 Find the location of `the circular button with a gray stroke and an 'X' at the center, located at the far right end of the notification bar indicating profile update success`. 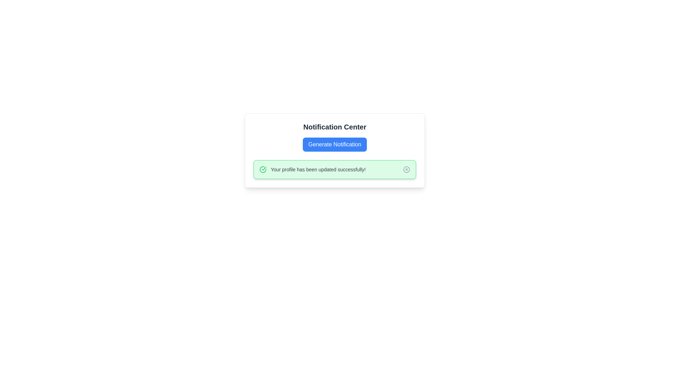

the circular button with a gray stroke and an 'X' at the center, located at the far right end of the notification bar indicating profile update success is located at coordinates (407, 170).